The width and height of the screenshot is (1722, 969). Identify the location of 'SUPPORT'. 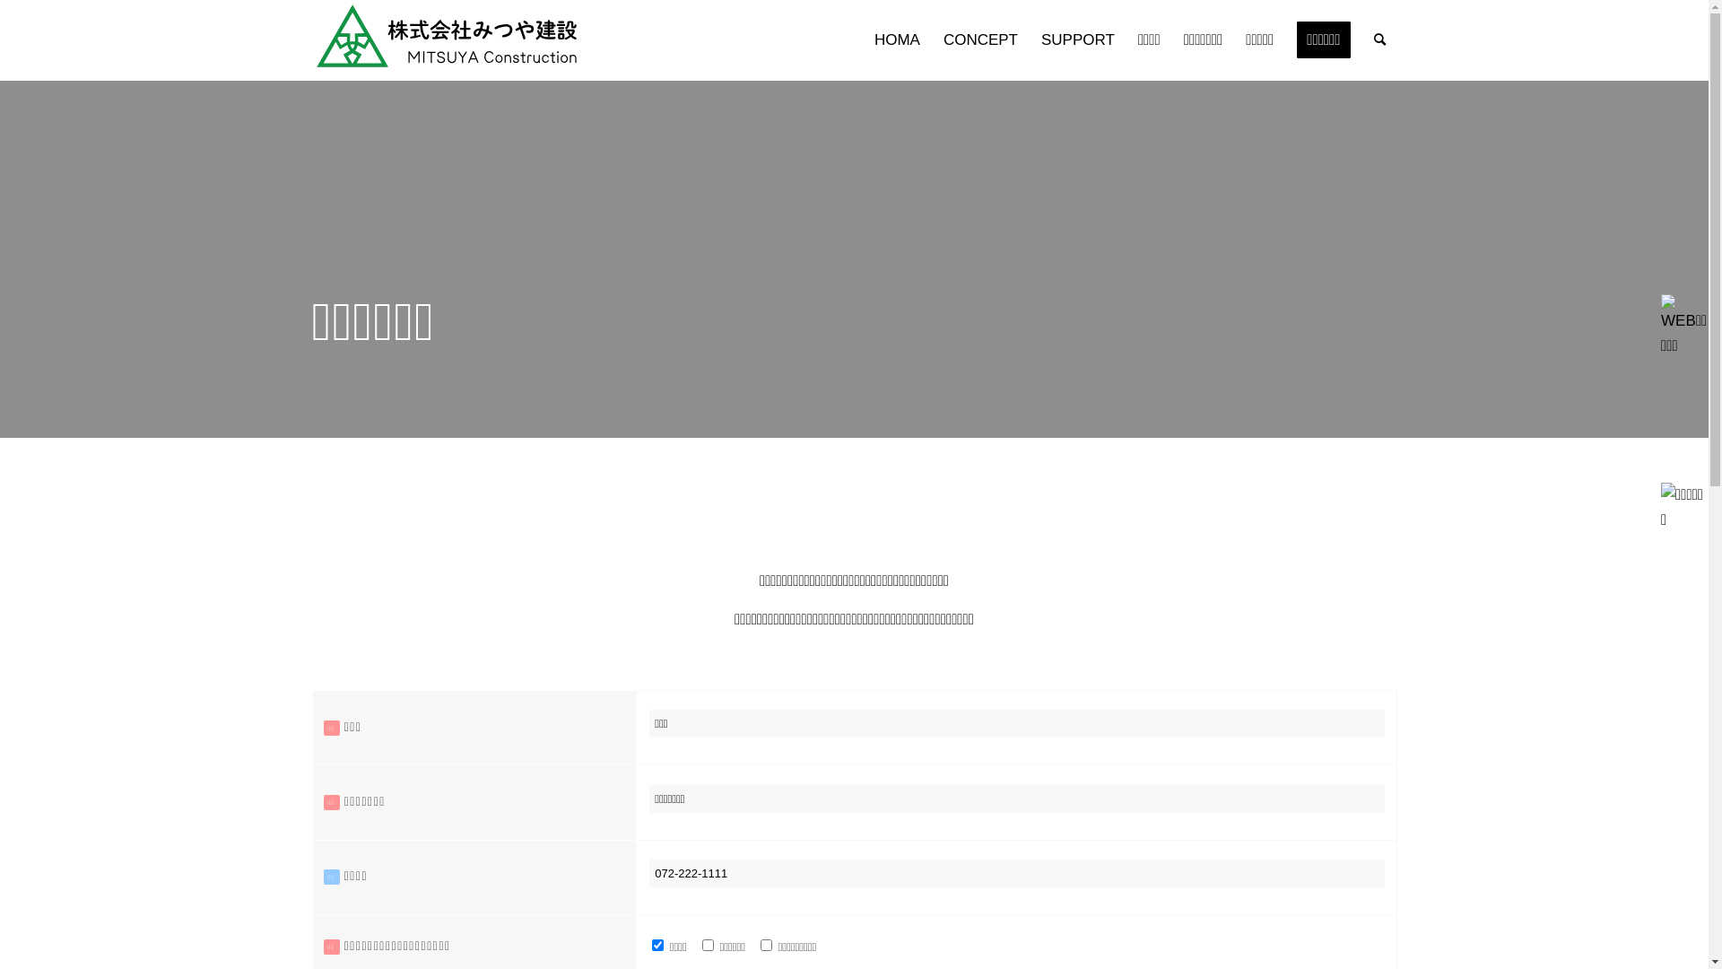
(1076, 40).